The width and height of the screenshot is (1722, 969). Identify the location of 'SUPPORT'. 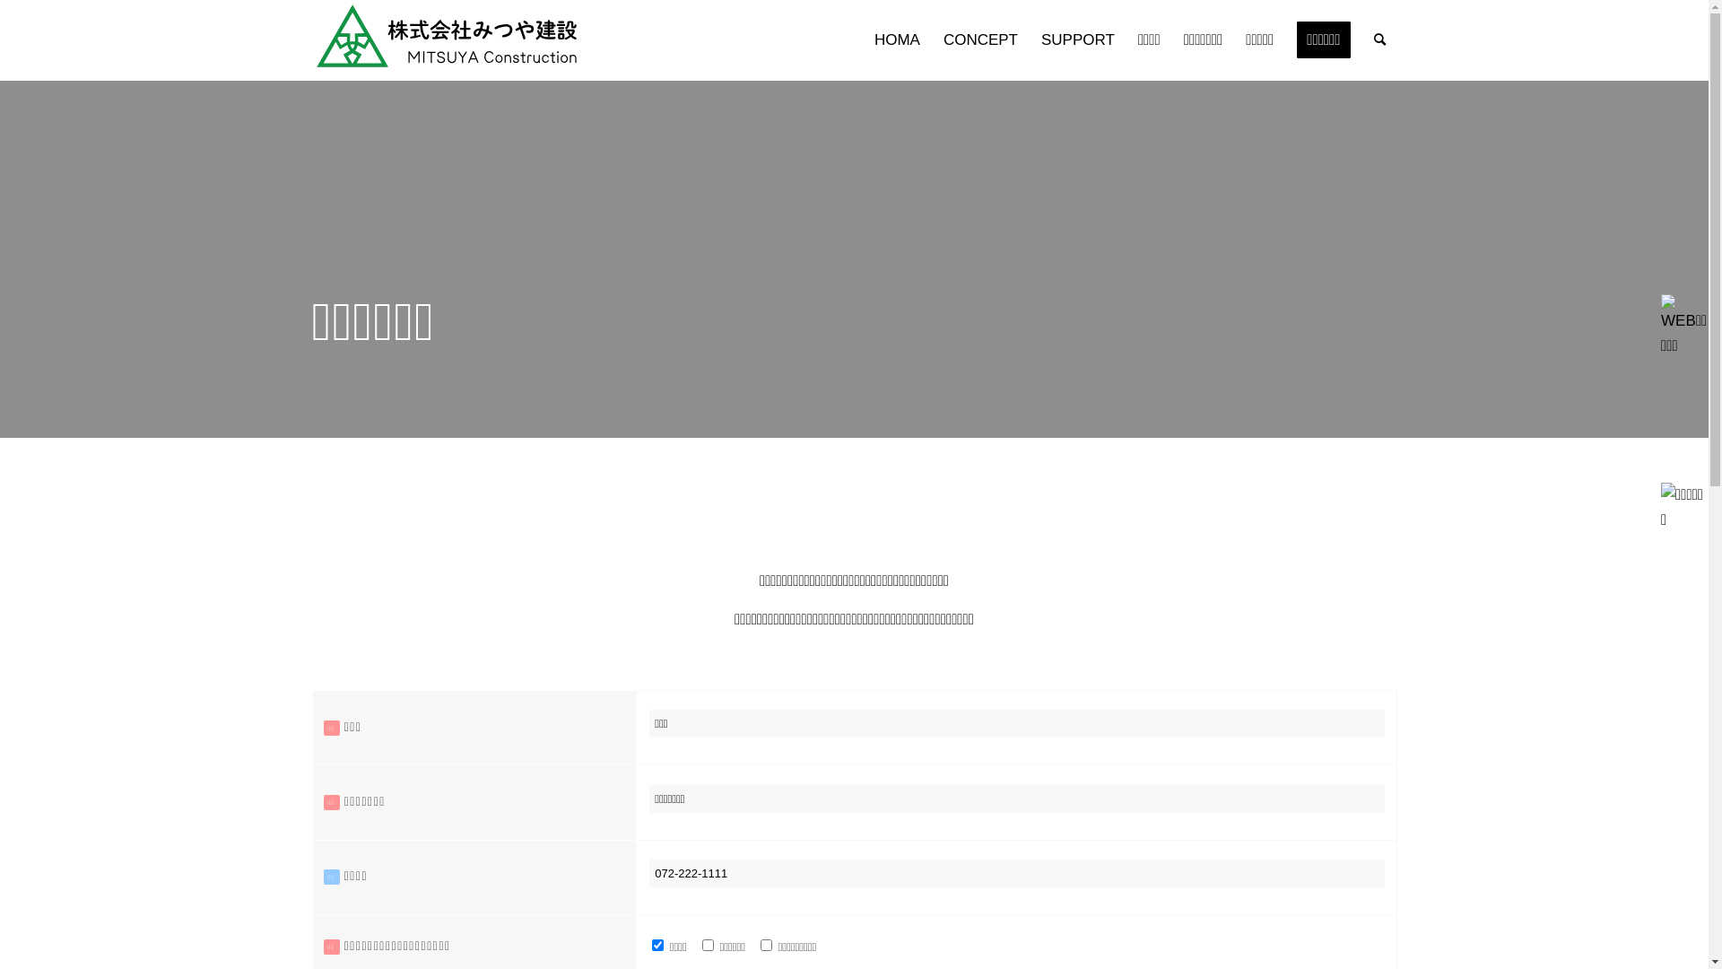
(1076, 40).